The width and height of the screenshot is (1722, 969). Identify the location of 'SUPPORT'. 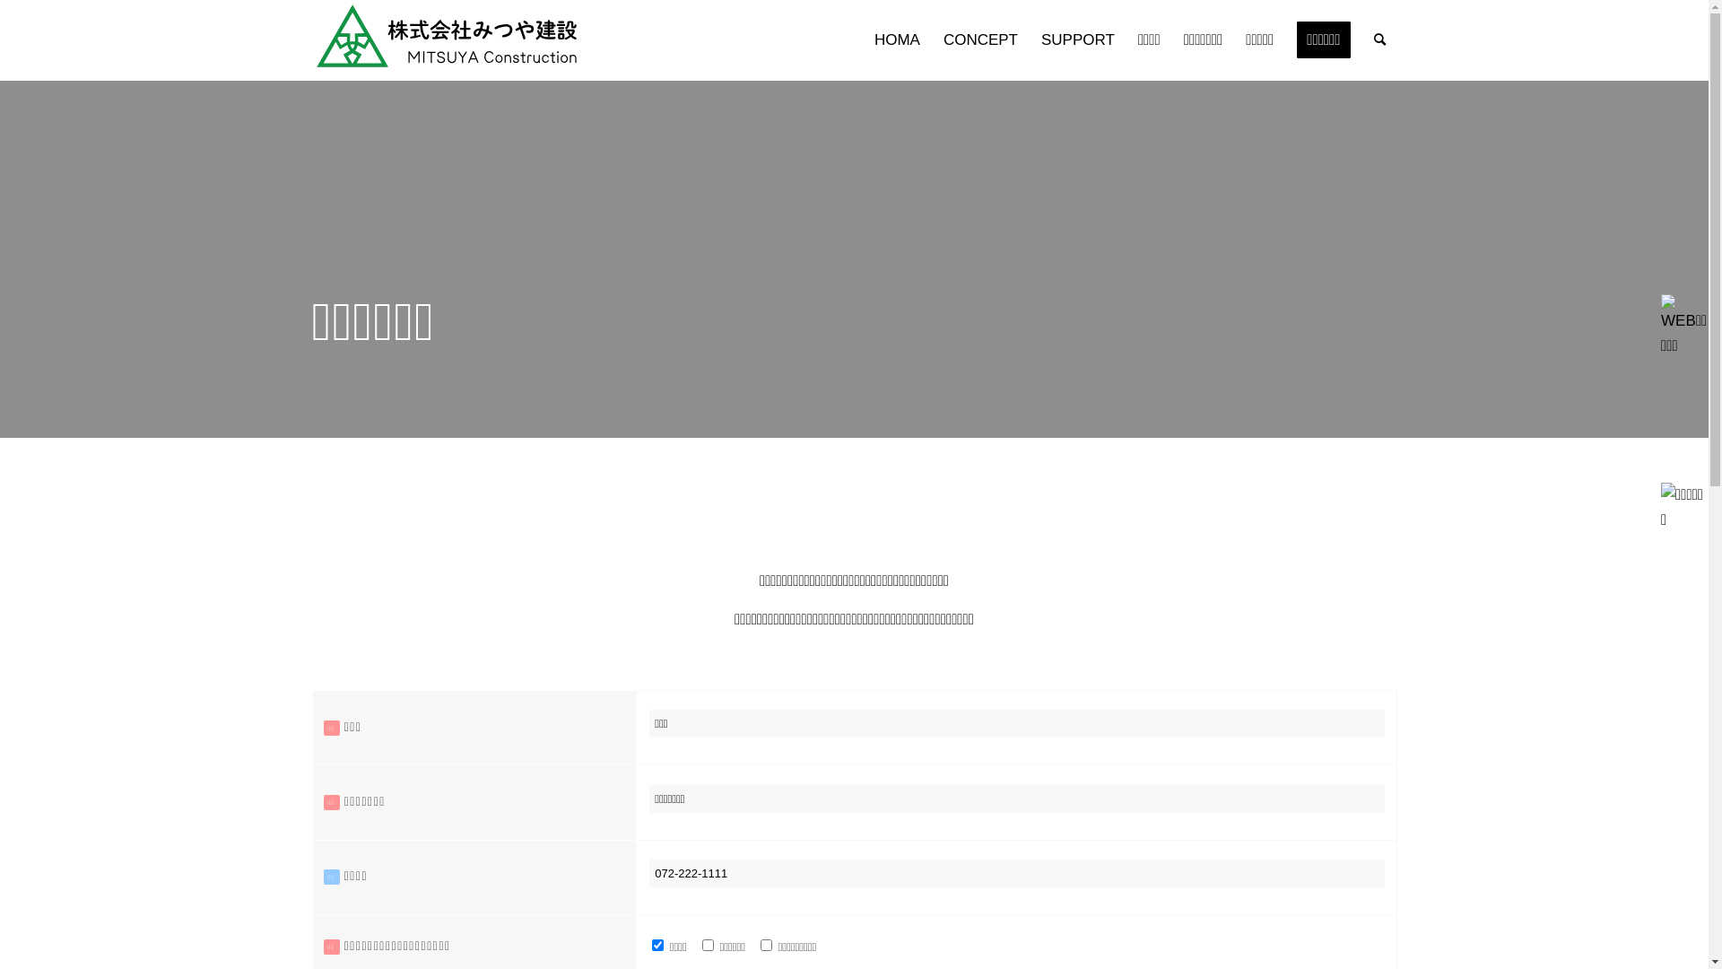
(1076, 40).